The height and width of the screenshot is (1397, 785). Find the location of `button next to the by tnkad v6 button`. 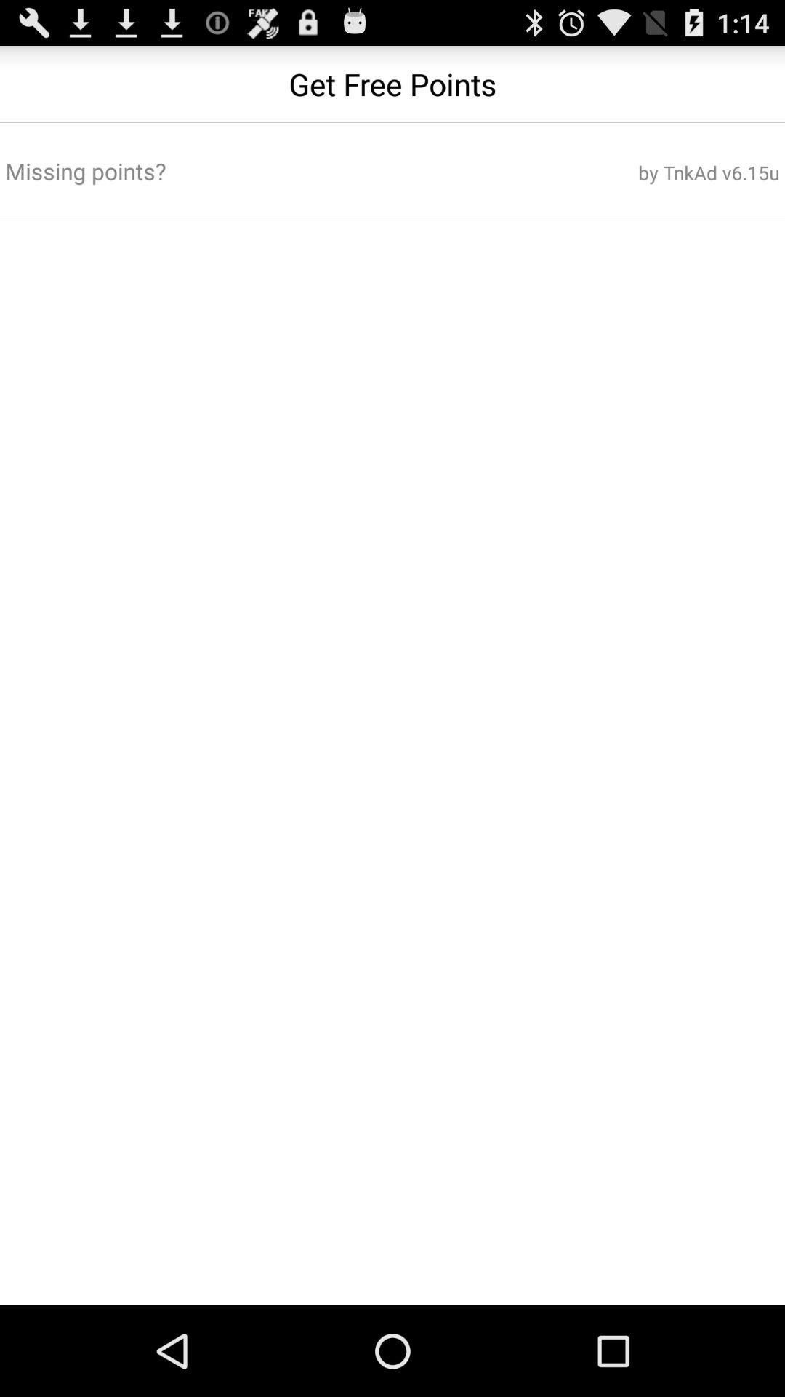

button next to the by tnkad v6 button is located at coordinates (262, 171).